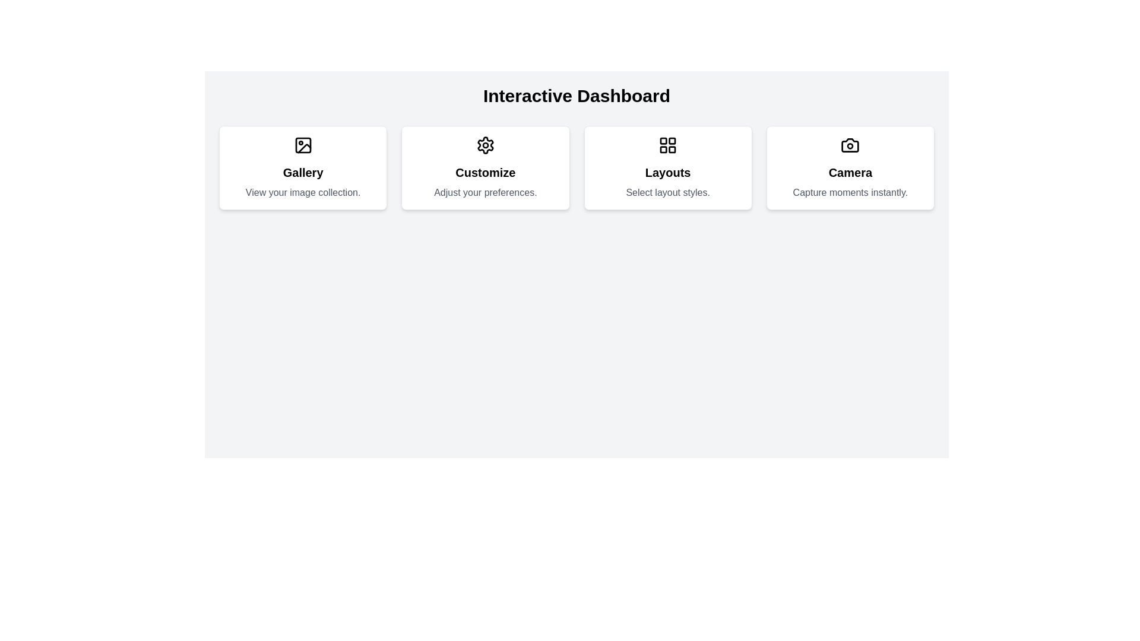 The height and width of the screenshot is (641, 1140). Describe the element at coordinates (668, 192) in the screenshot. I see `the static text element that displays 'Select layout styles.' which is located below the title 'Layouts' in the third card of a horizontally aligned group of four cards` at that location.